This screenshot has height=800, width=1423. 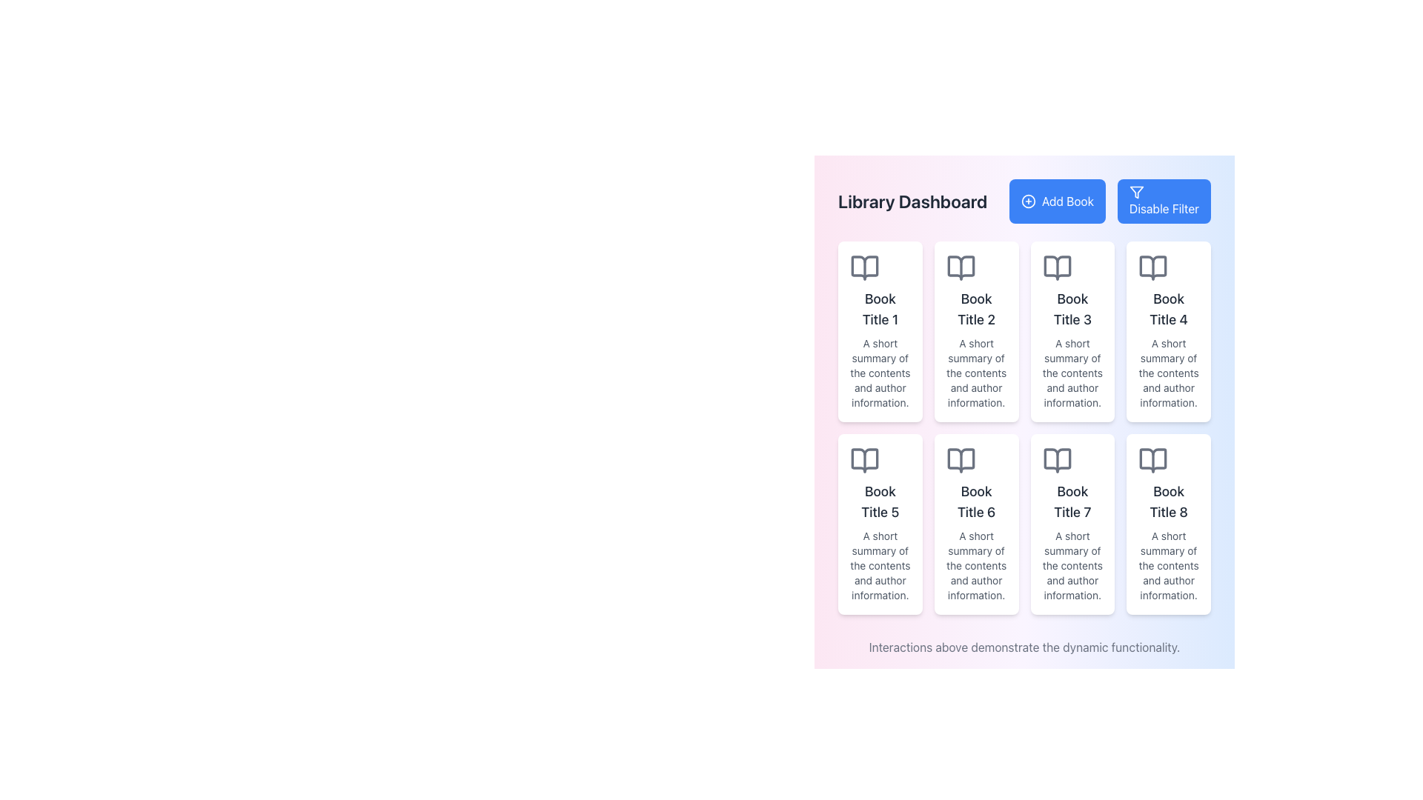 I want to click on the circular icon with a plus sign at its center, which is part of the 'Add Book' button, so click(x=1027, y=201).